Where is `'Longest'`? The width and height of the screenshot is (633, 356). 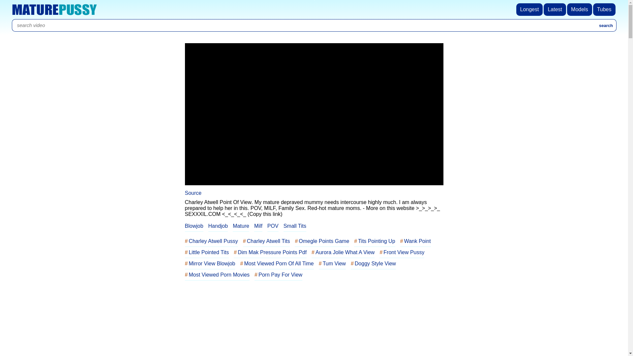 'Longest' is located at coordinates (530, 10).